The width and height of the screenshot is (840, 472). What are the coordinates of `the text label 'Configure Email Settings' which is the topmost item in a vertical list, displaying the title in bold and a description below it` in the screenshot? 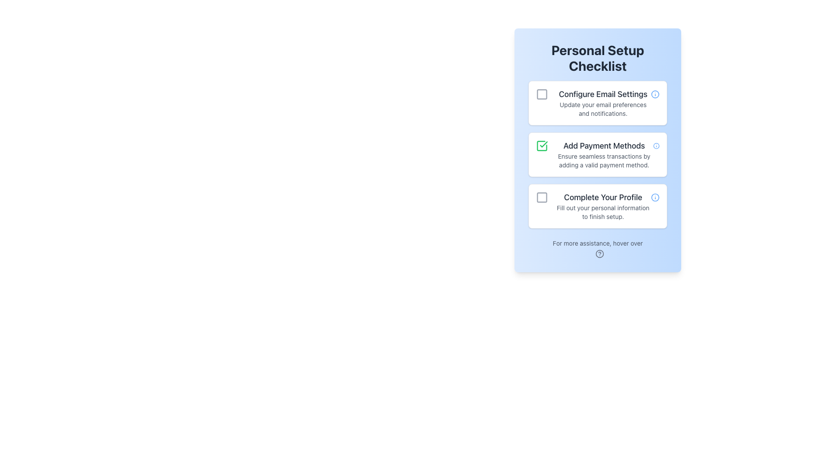 It's located at (602, 102).